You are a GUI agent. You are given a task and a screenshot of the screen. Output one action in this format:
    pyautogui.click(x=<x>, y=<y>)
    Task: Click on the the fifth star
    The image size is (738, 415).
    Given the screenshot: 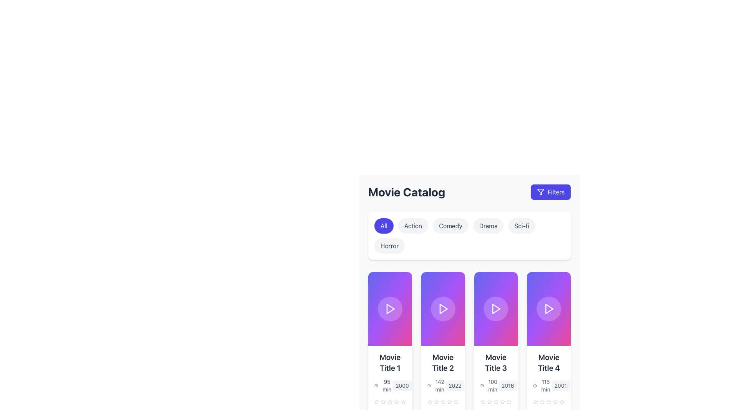 What is the action you would take?
    pyautogui.click(x=403, y=401)
    